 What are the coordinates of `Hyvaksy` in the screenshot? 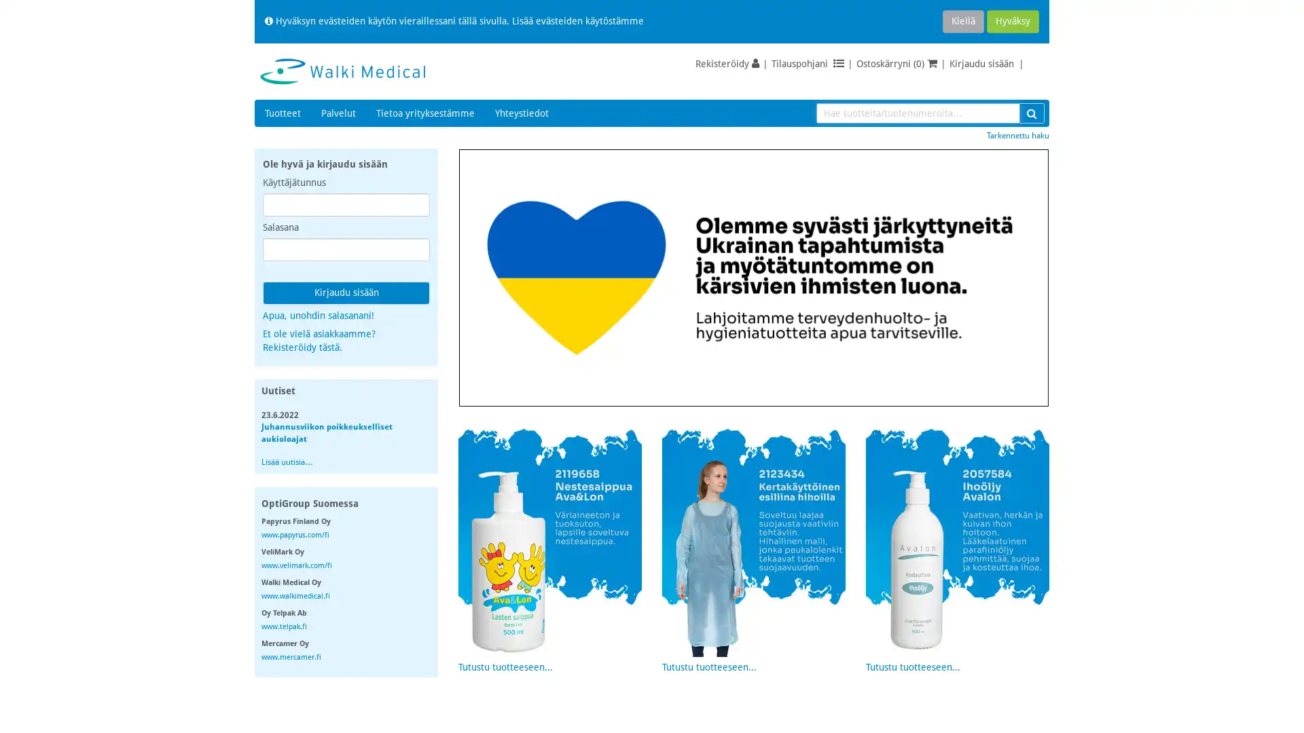 It's located at (1013, 21).